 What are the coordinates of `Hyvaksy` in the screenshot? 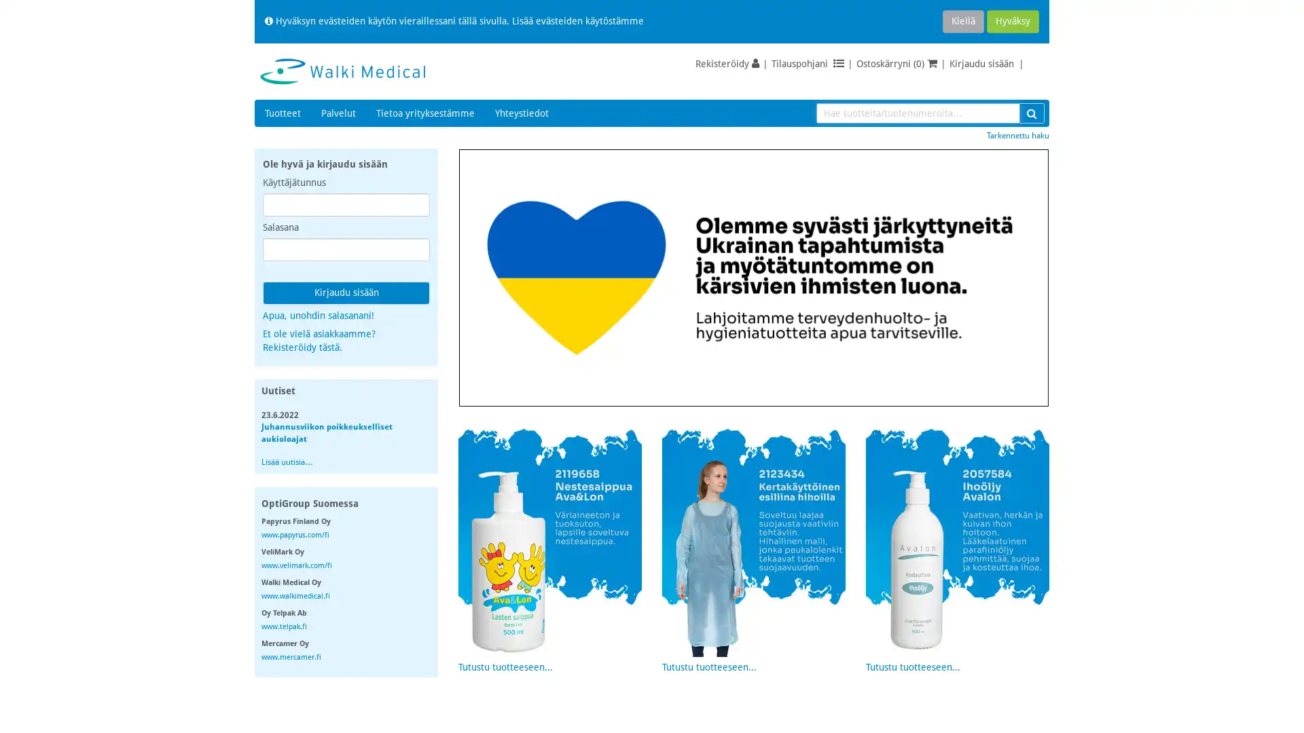 It's located at (1013, 21).